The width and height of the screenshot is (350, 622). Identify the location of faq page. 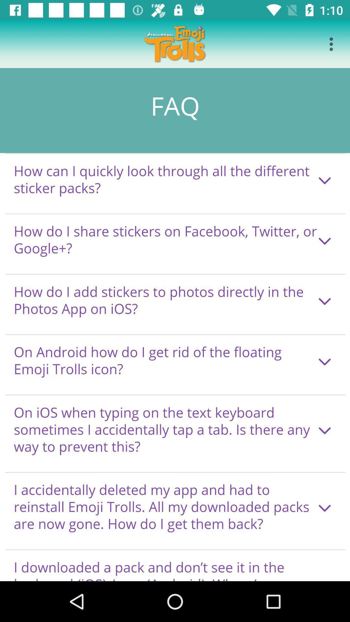
(175, 325).